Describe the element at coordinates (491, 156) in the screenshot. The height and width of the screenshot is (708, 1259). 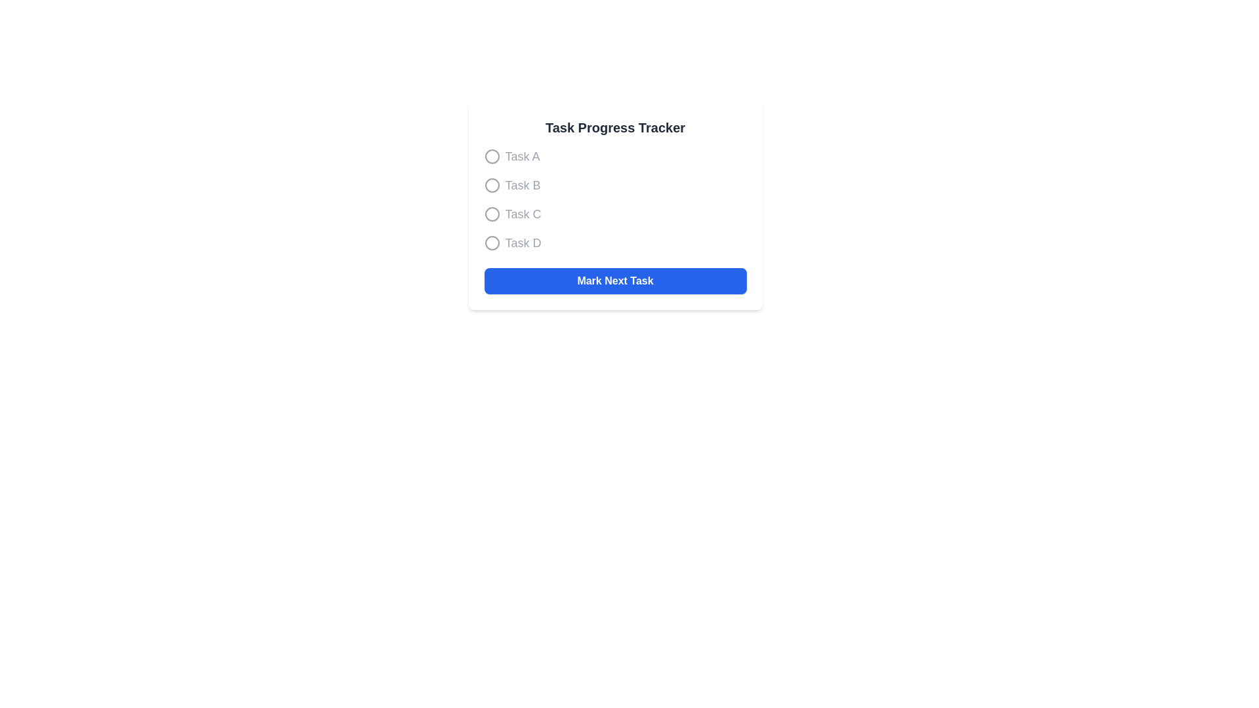
I see `the radio button for 'Task A'` at that location.